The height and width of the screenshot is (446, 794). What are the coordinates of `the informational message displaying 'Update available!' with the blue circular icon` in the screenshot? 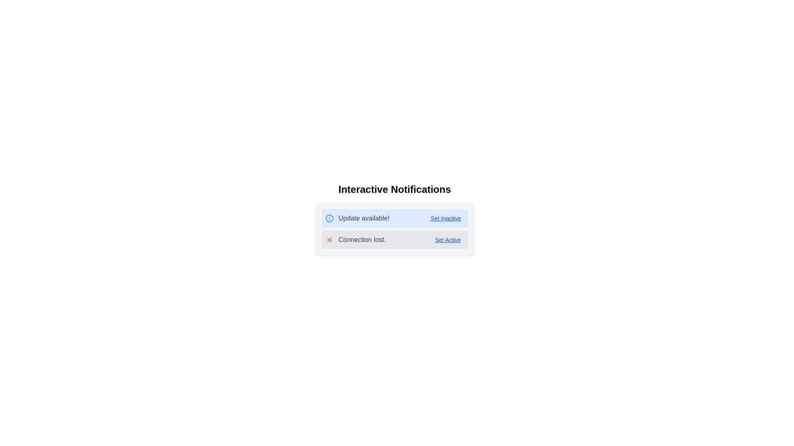 It's located at (357, 218).